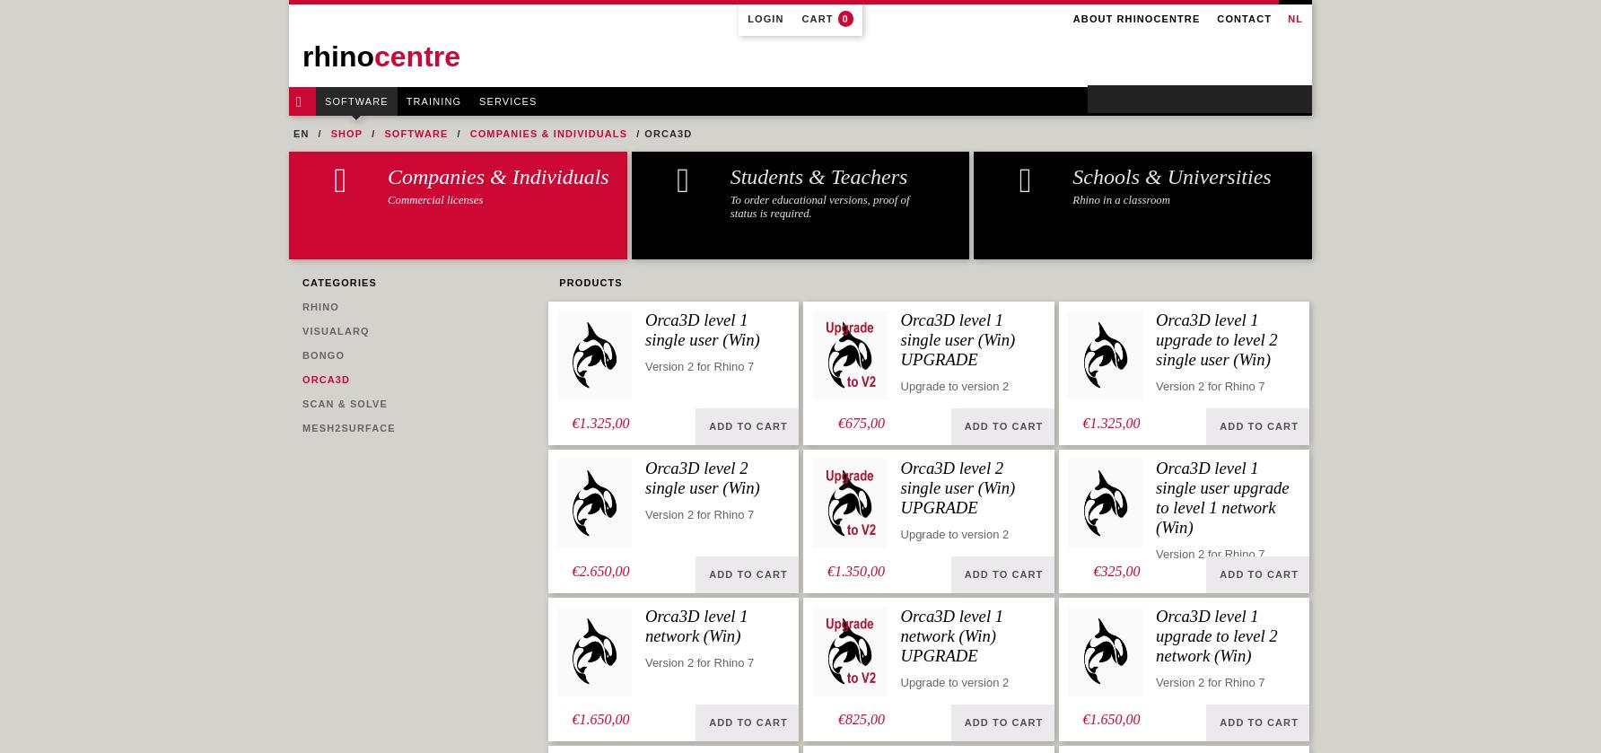 This screenshot has height=753, width=1601. What do you see at coordinates (322, 355) in the screenshot?
I see `'Bongo'` at bounding box center [322, 355].